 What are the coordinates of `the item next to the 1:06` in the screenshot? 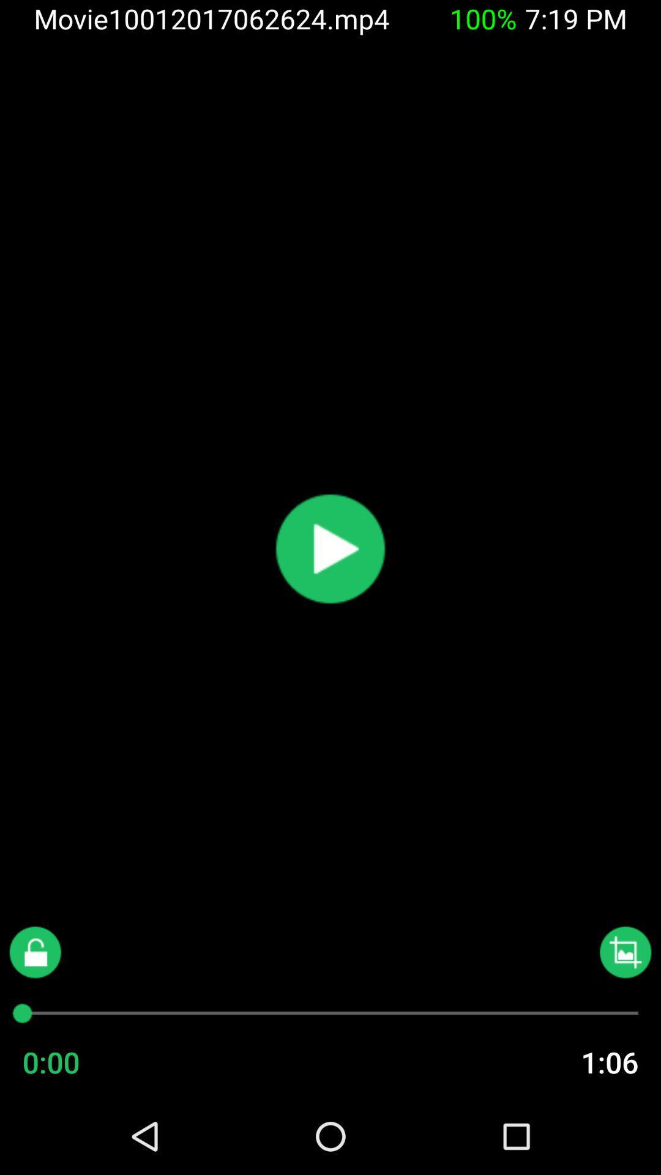 It's located at (75, 1061).